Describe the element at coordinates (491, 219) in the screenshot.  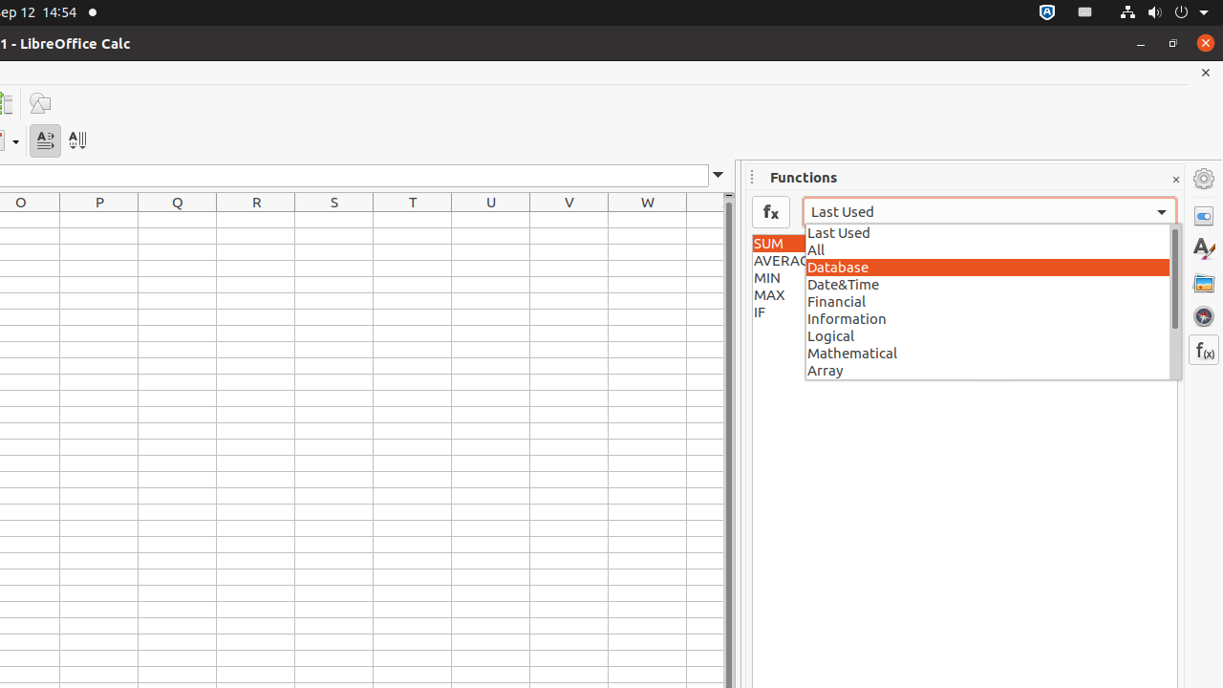
I see `'U1'` at that location.